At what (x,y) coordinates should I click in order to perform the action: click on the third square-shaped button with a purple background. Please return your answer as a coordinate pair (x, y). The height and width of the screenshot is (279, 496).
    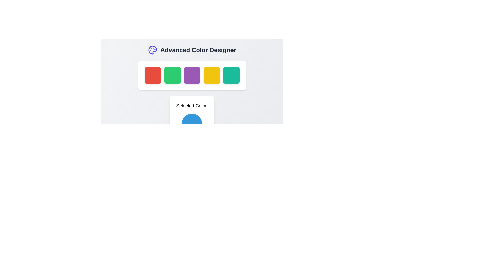
    Looking at the image, I should click on (192, 75).